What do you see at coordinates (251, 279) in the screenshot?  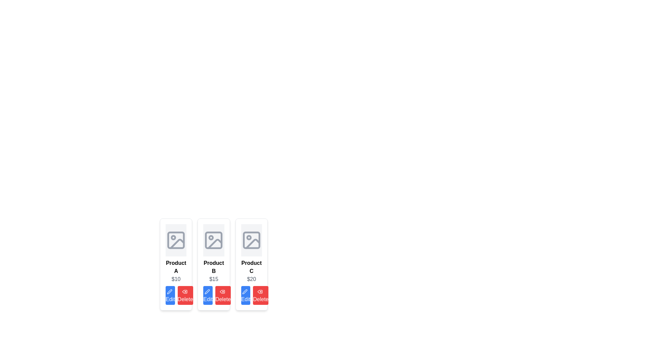 I see `the price text label of 'Product C', which is located under the product title in the third product card` at bounding box center [251, 279].